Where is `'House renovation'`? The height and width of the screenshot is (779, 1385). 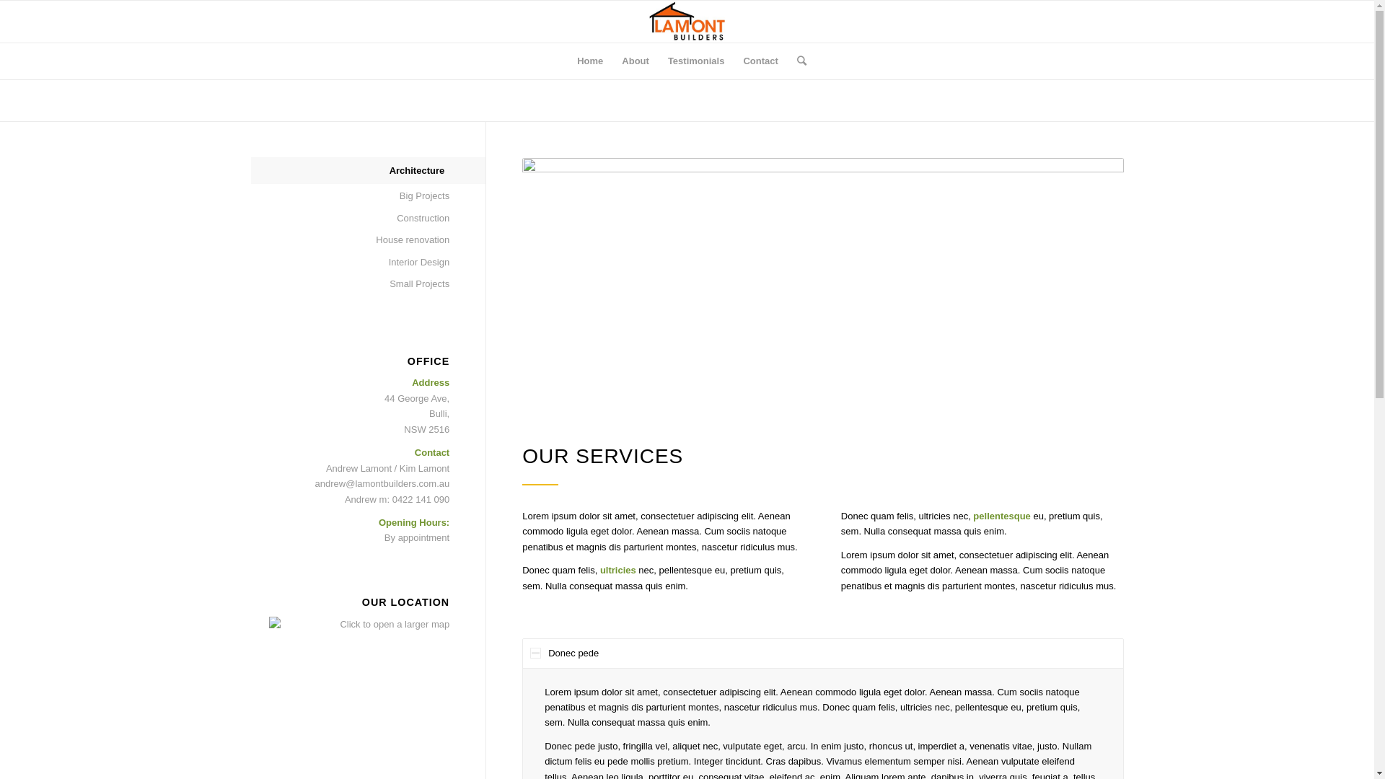 'House renovation' is located at coordinates (350, 239).